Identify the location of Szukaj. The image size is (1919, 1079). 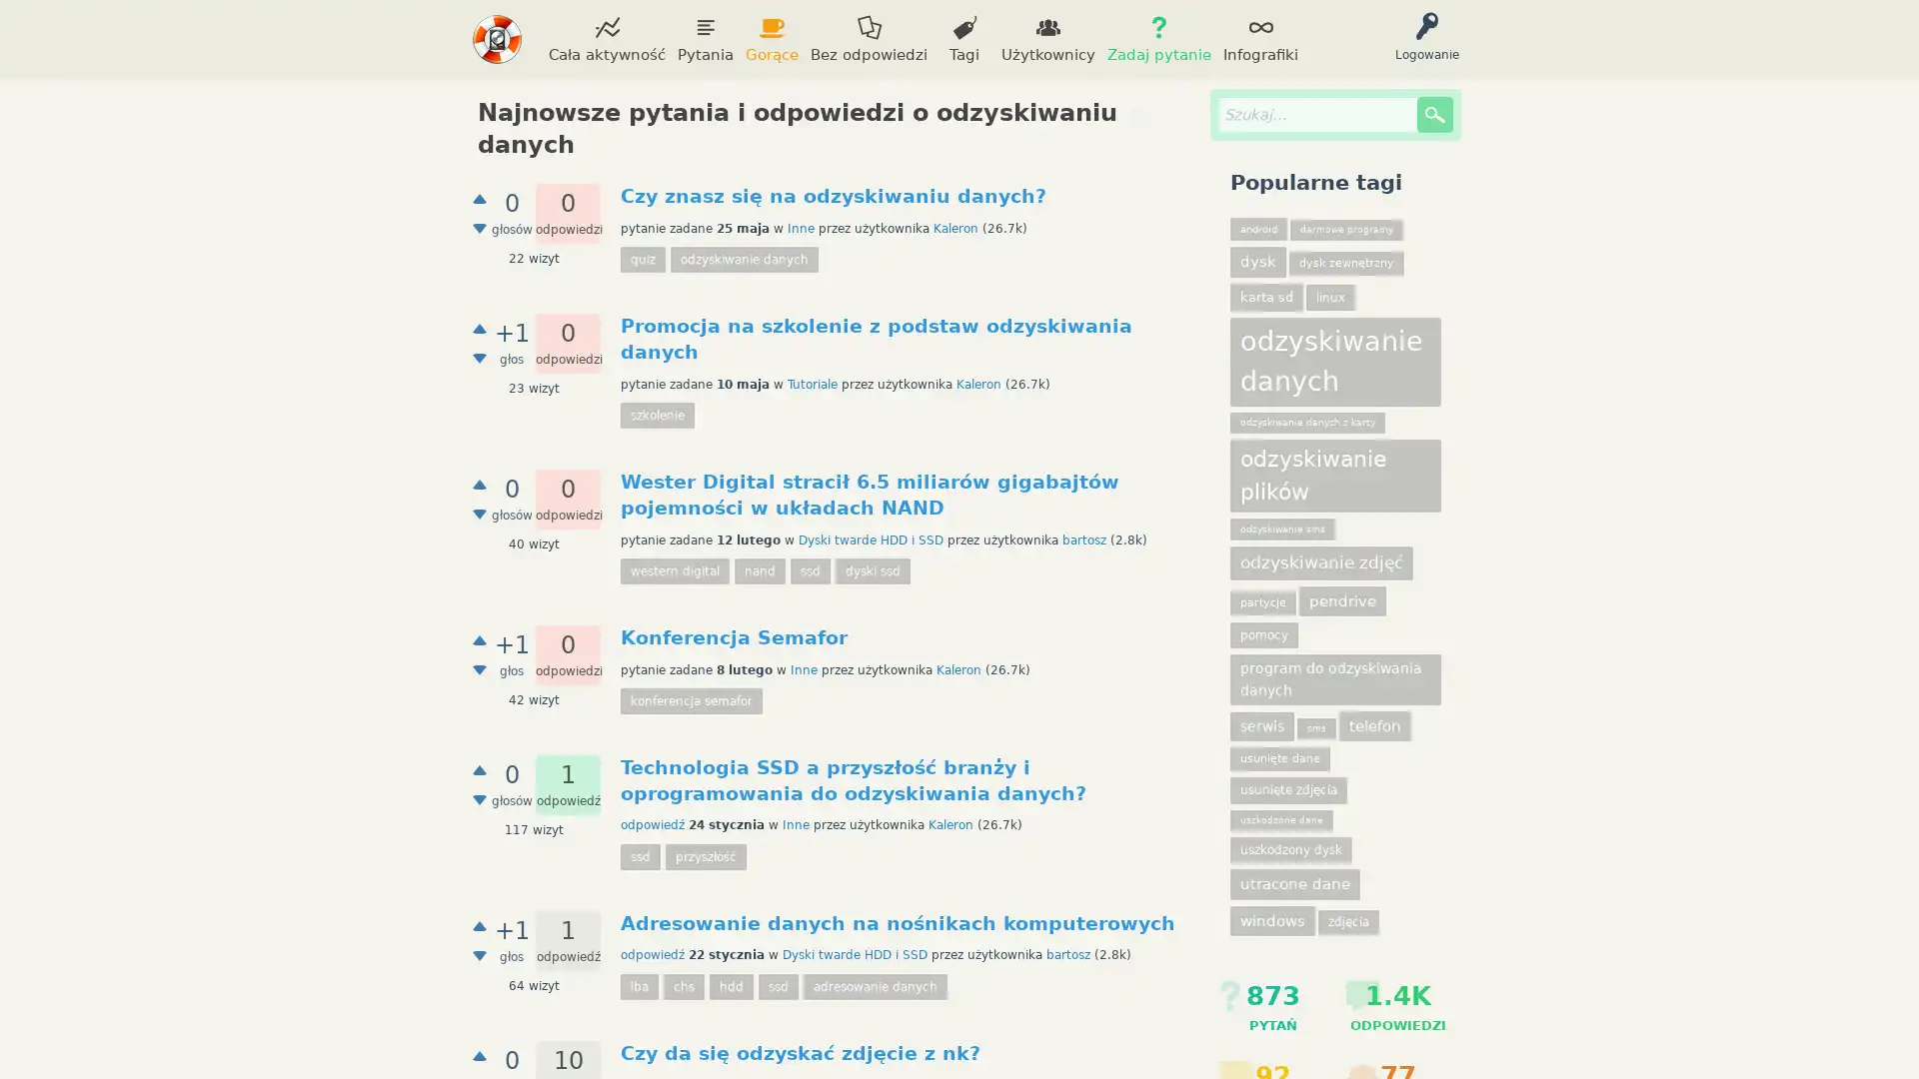
(1433, 115).